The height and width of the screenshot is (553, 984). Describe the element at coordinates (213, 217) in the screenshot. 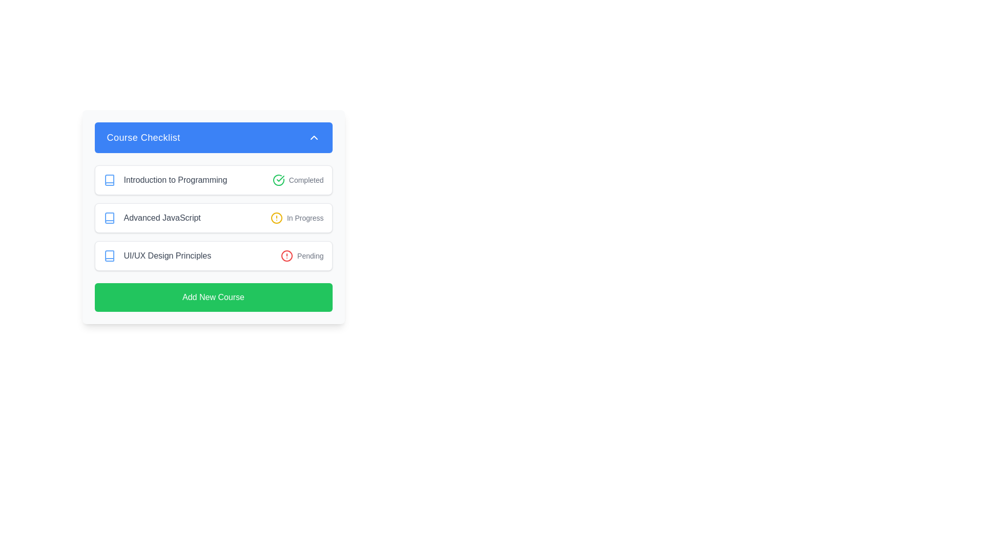

I see `the 'Advanced JavaScript' list item, which indicates that the course is currently 'In Progress', located in the Course Checklist under the second position` at that location.